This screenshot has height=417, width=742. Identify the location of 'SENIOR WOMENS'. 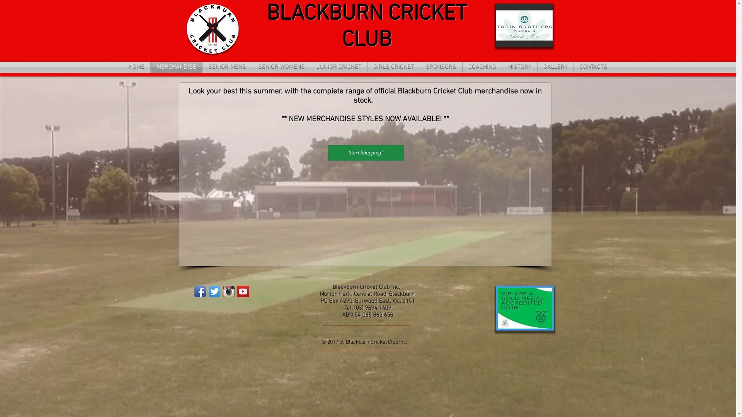
(281, 67).